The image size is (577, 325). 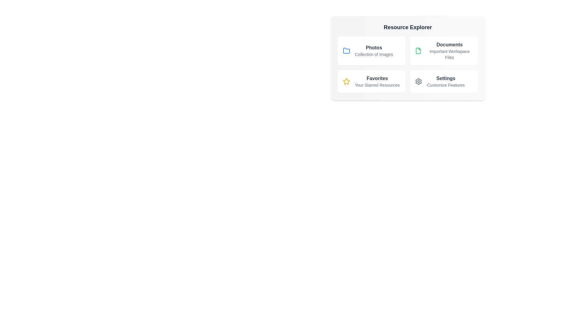 I want to click on the resource item Documents to explore its details, so click(x=444, y=51).